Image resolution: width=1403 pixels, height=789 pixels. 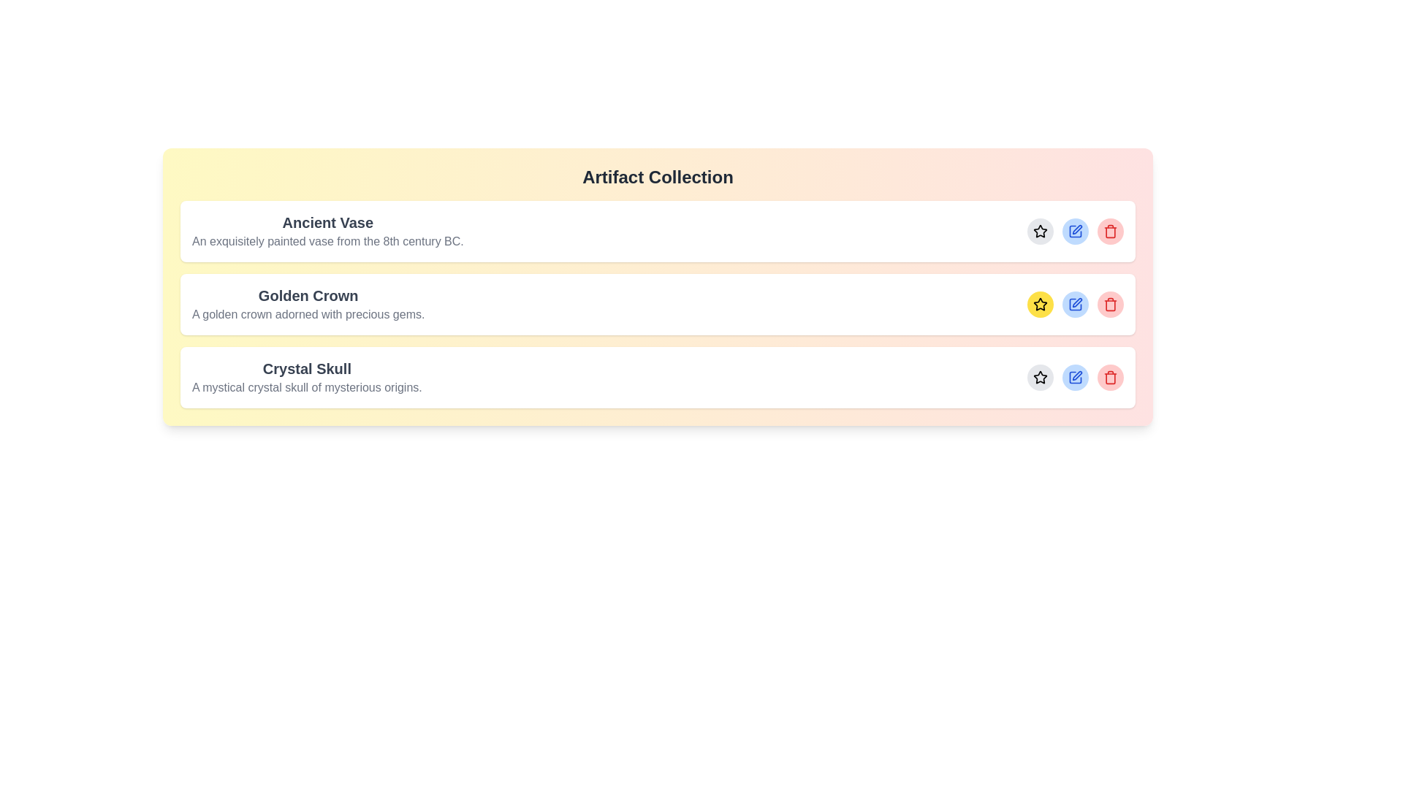 I want to click on the star button corresponding to the artifact named Golden Crown to toggle its 'like' status, so click(x=1040, y=303).